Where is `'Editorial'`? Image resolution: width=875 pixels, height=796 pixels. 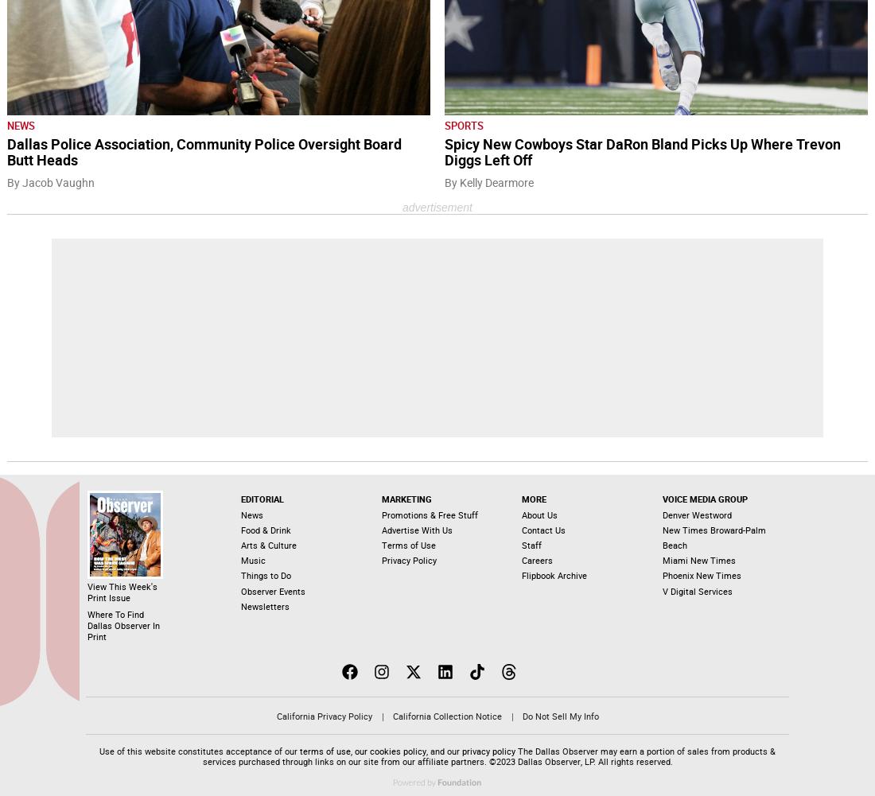 'Editorial' is located at coordinates (239, 499).